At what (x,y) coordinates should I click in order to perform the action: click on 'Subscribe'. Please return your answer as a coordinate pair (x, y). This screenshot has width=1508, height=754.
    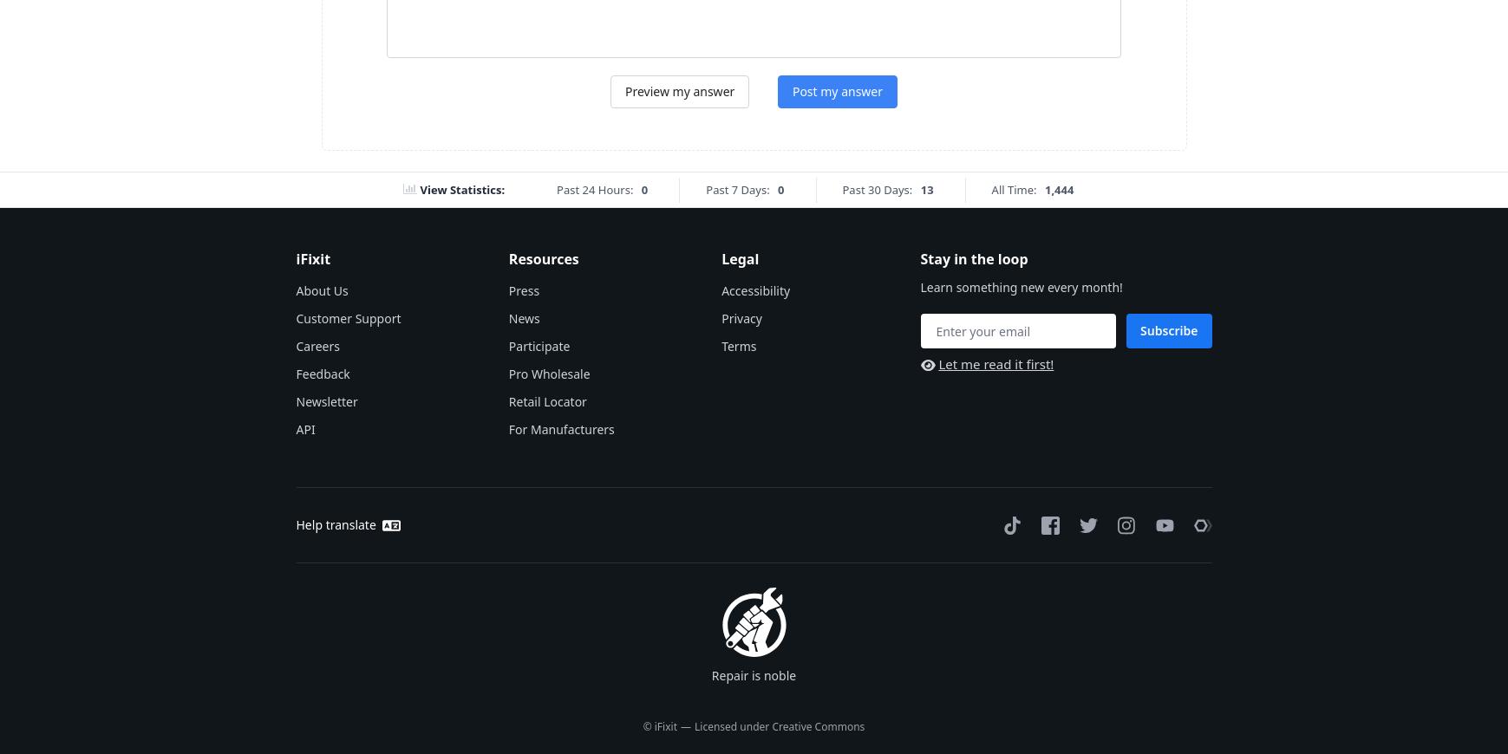
    Looking at the image, I should click on (1168, 330).